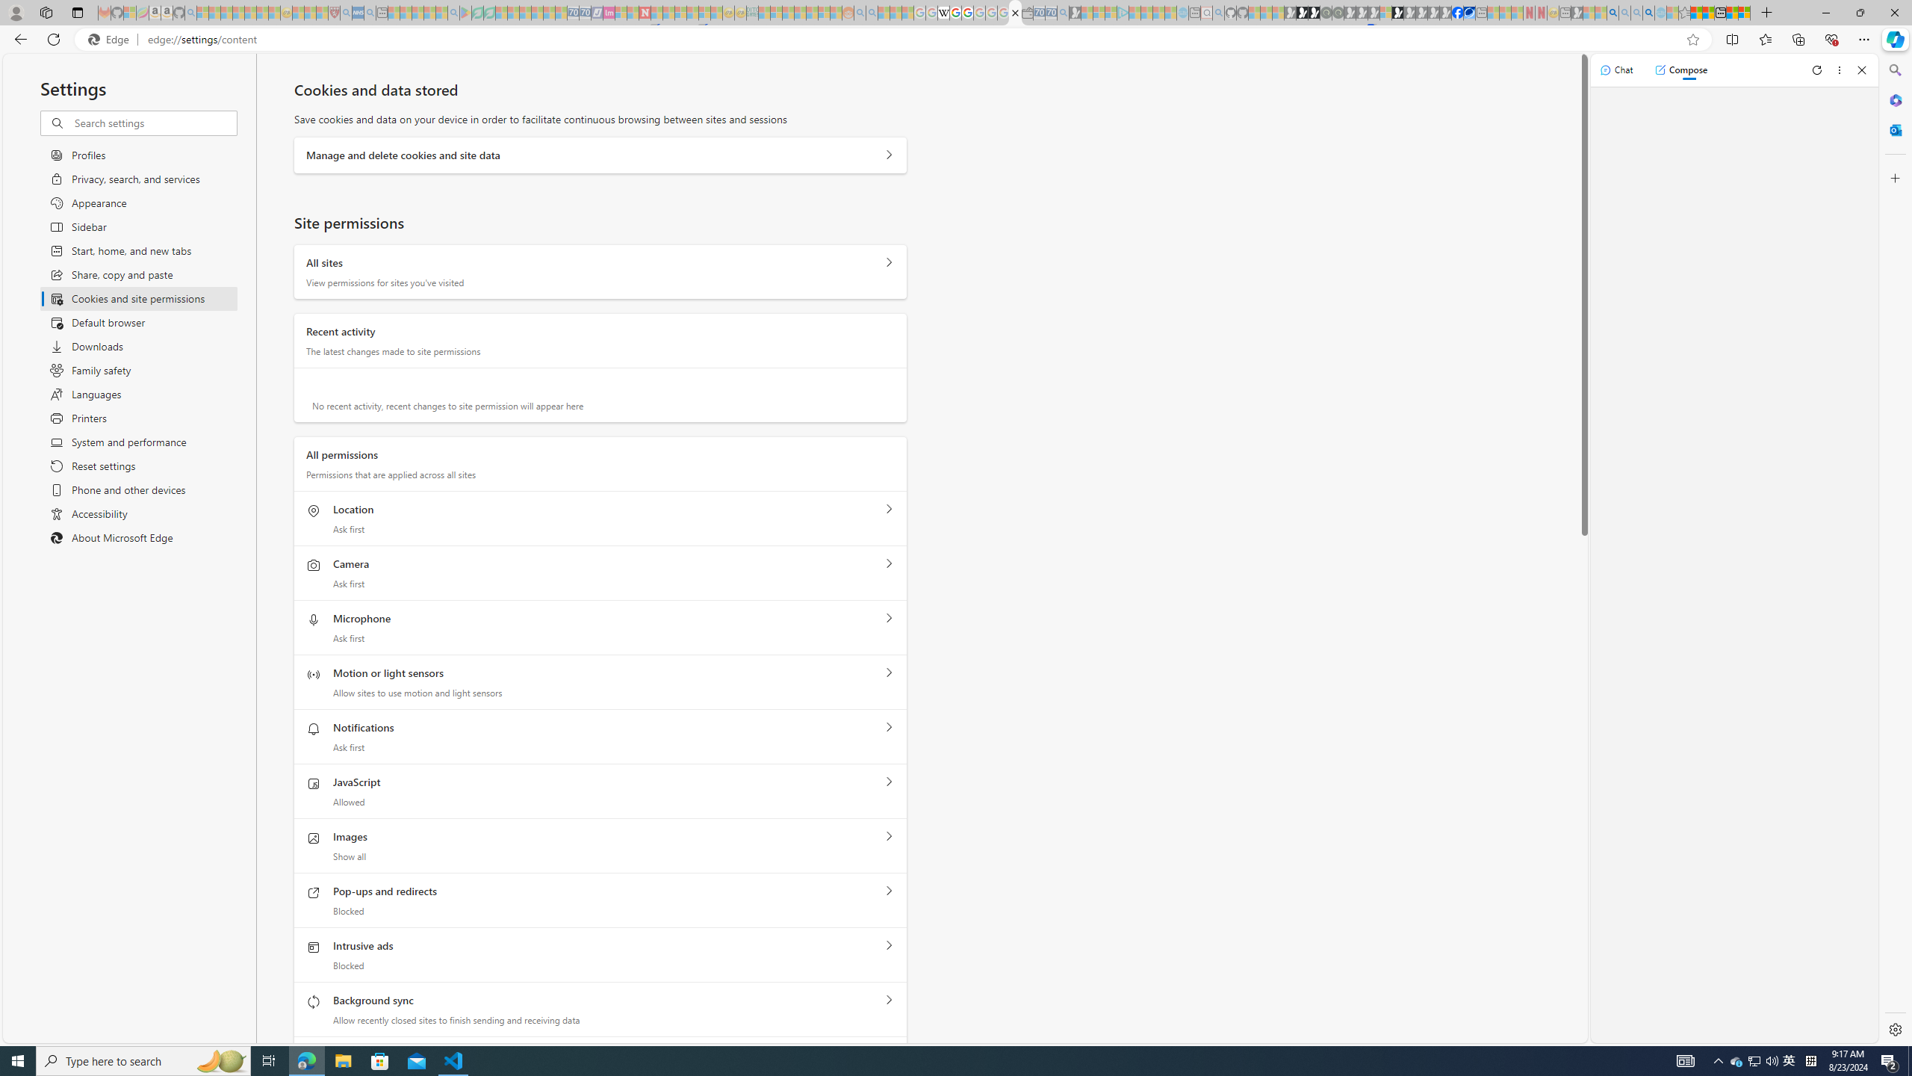 The width and height of the screenshot is (1912, 1076). What do you see at coordinates (889, 563) in the screenshot?
I see `'Camera'` at bounding box center [889, 563].